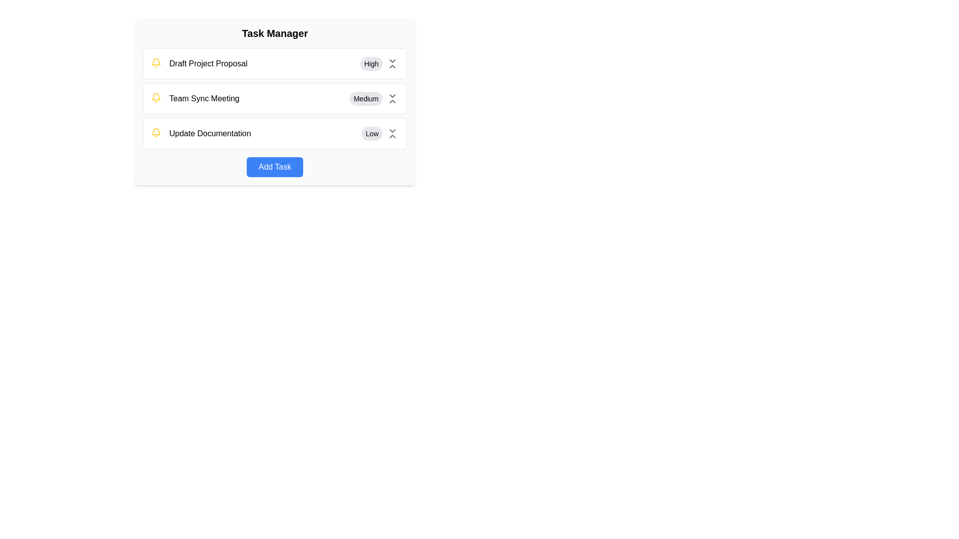  I want to click on the text label styled with the word 'High', which signifies priority and is positioned to the right of 'Draft Project Proposal', so click(371, 63).